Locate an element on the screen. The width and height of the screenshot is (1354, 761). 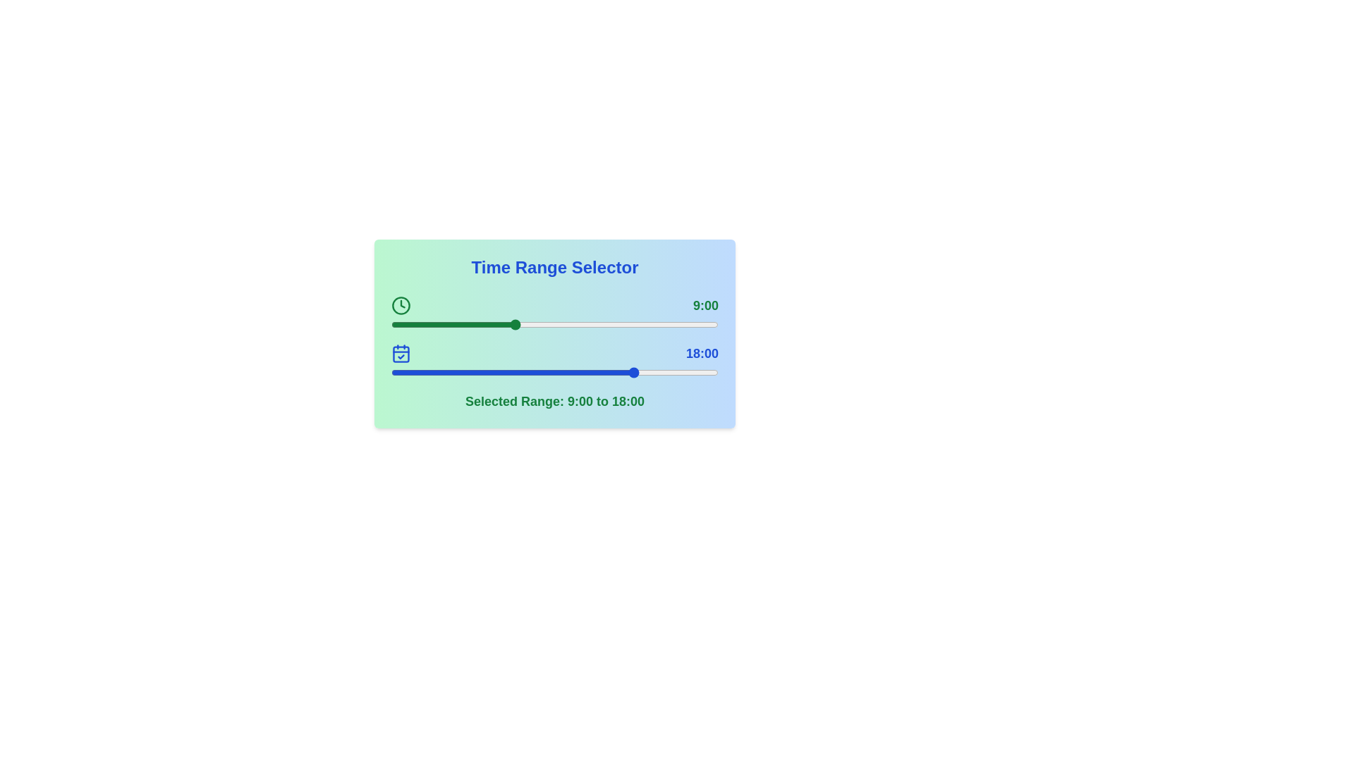
time range is located at coordinates (527, 371).